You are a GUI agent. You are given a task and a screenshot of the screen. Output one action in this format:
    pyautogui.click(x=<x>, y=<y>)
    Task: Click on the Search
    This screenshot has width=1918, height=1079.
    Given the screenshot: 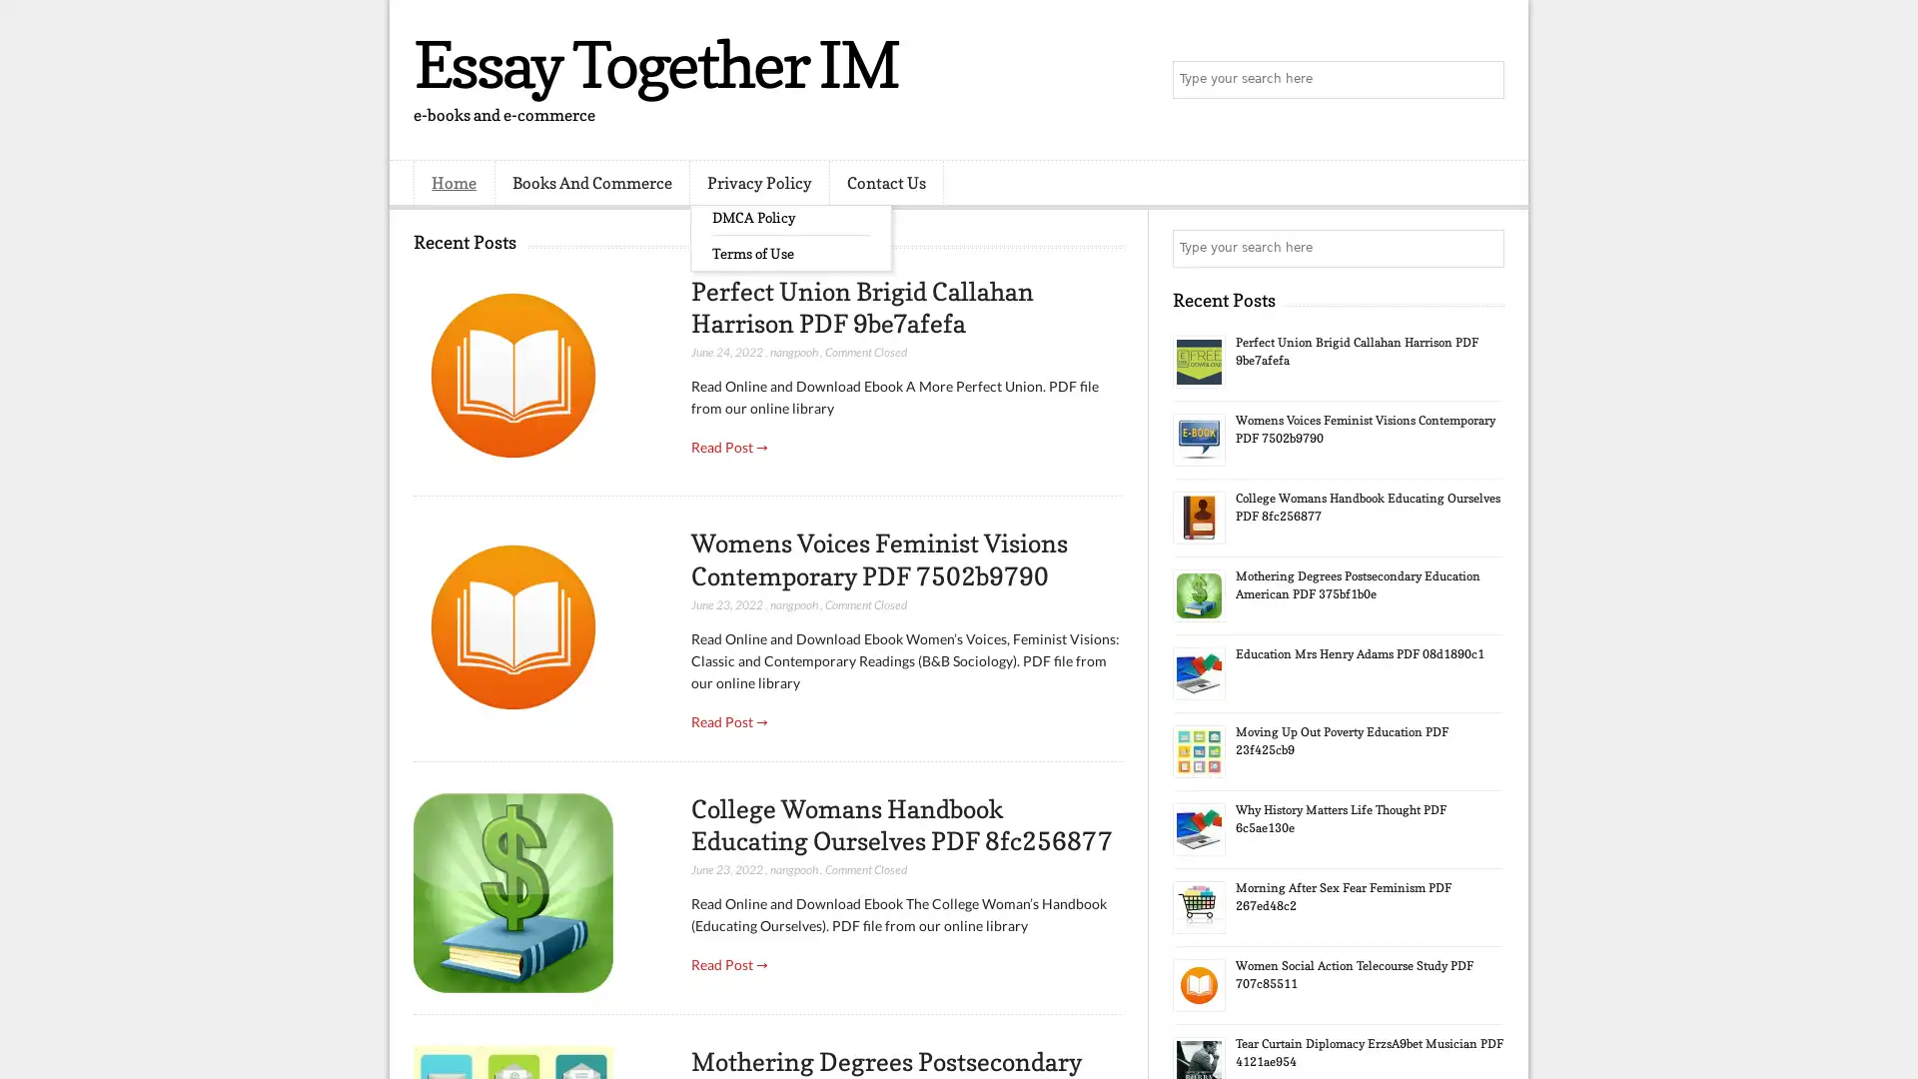 What is the action you would take?
    pyautogui.click(x=1483, y=80)
    